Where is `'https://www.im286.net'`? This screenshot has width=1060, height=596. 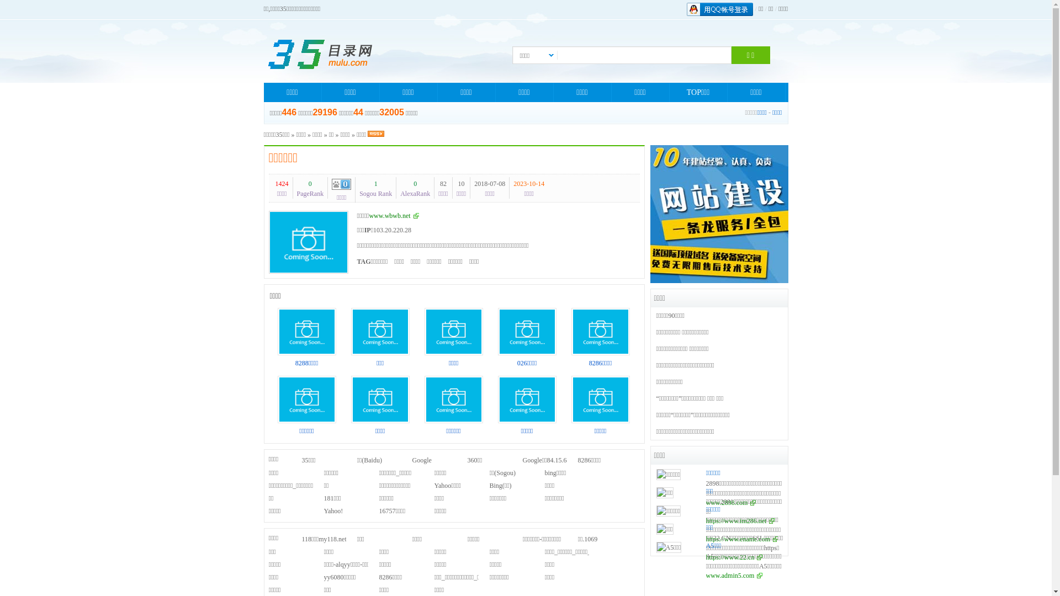
'https://www.im286.net' is located at coordinates (704, 521).